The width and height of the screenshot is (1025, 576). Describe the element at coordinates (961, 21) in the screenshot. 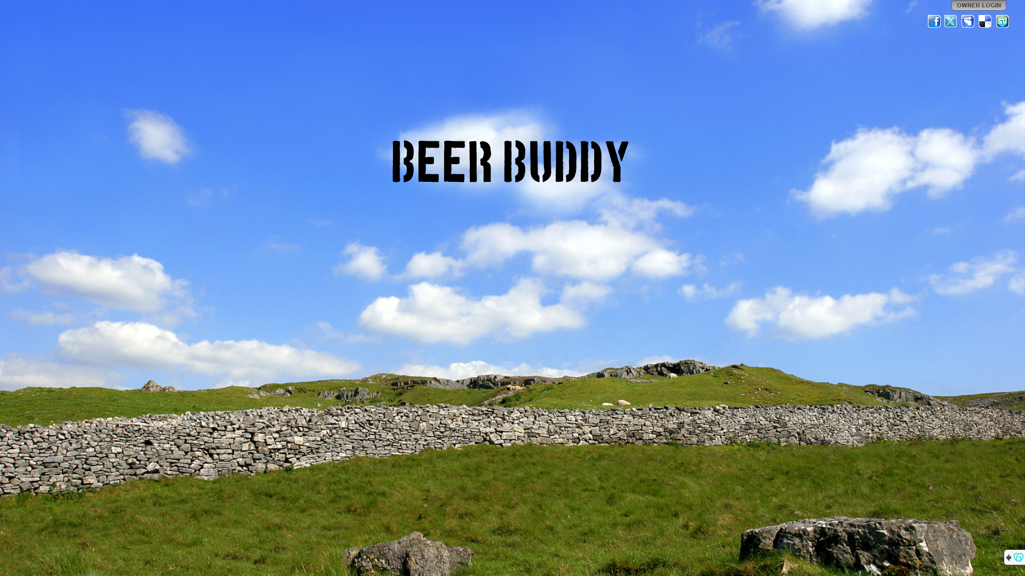

I see `'MySpace'` at that location.